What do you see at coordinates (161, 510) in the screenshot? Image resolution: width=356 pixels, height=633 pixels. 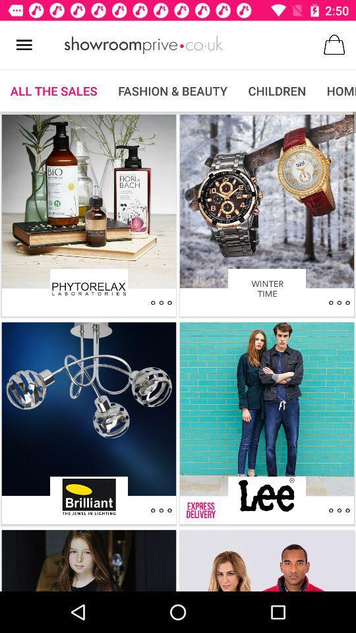 I see `other options` at bounding box center [161, 510].